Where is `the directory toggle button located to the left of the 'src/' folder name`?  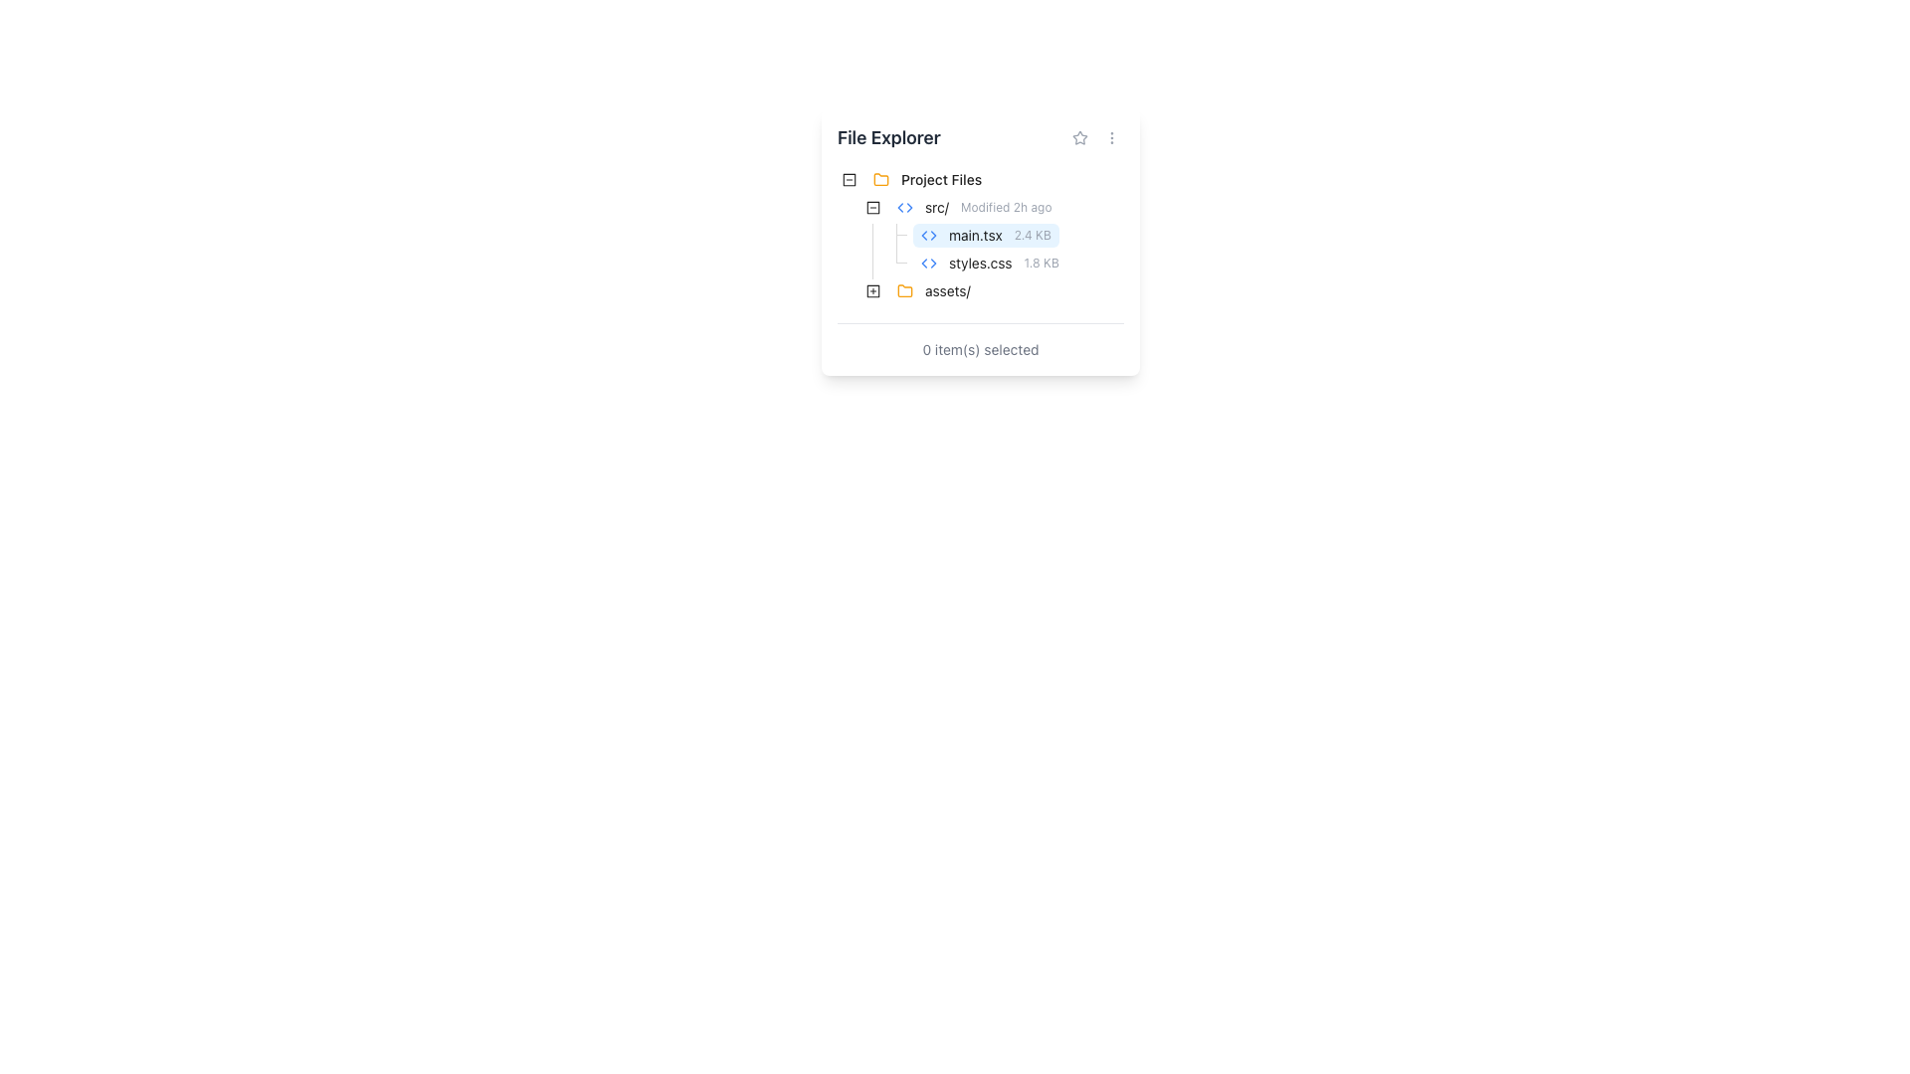
the directory toggle button located to the left of the 'src/' folder name is located at coordinates (873, 207).